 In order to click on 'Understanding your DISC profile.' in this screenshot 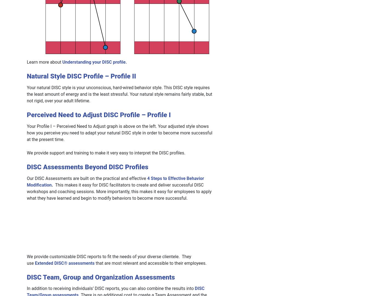, I will do `click(94, 62)`.